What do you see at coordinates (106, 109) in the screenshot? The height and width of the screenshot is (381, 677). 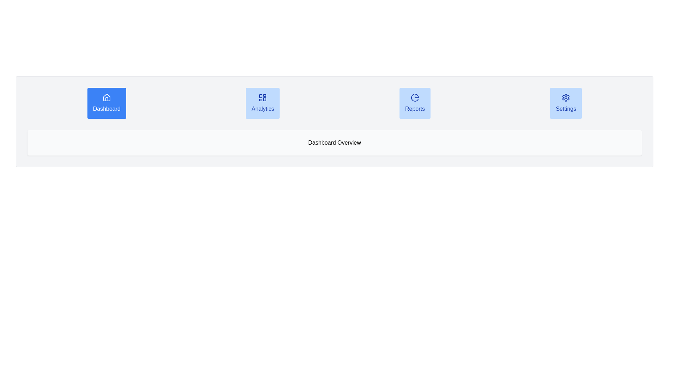 I see `the 'Dashboard' text label` at bounding box center [106, 109].